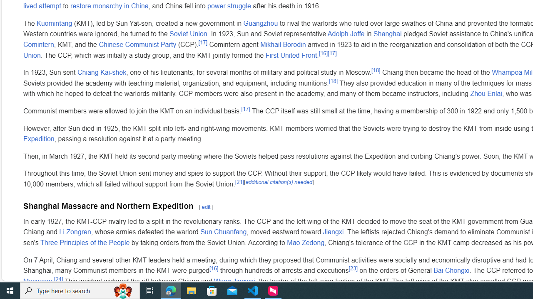 This screenshot has height=299, width=533. What do you see at coordinates (54, 22) in the screenshot?
I see `'Kuomintang'` at bounding box center [54, 22].